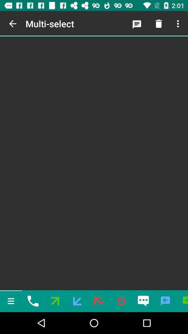  What do you see at coordinates (94, 163) in the screenshot?
I see `blank screen` at bounding box center [94, 163].